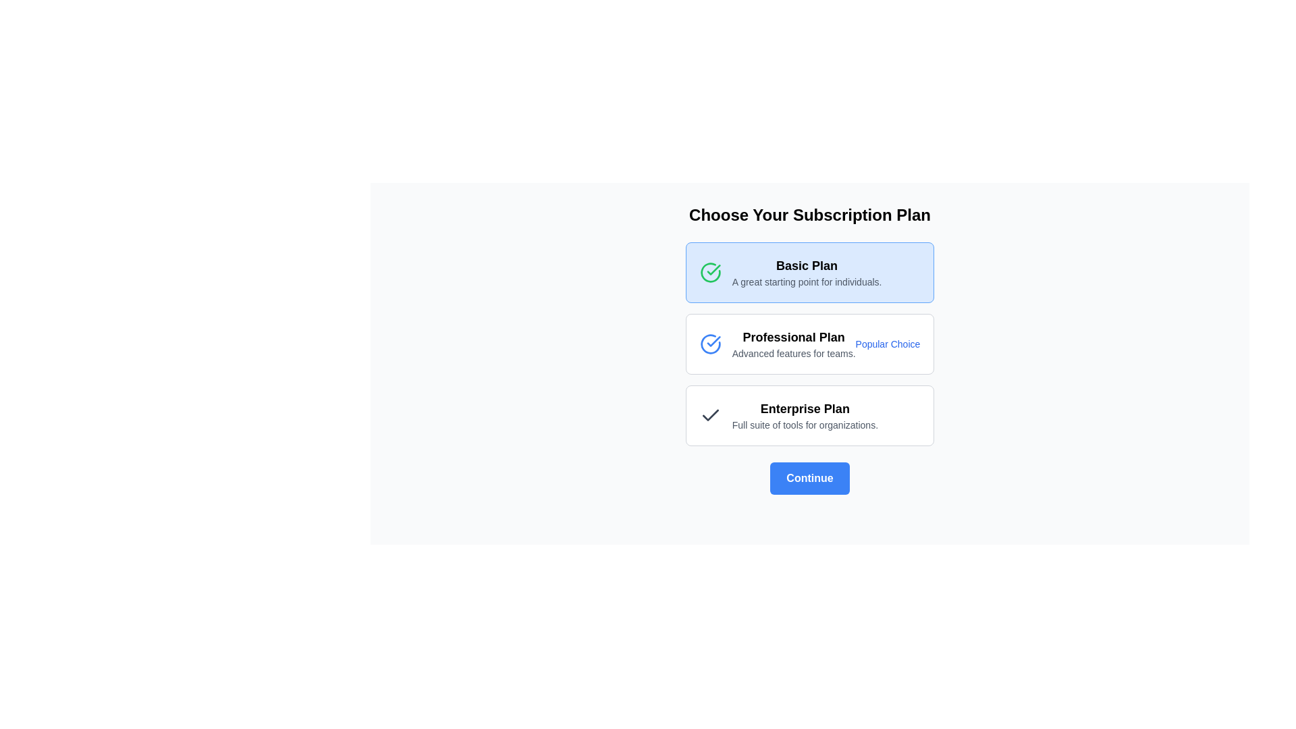 Image resolution: width=1296 pixels, height=729 pixels. Describe the element at coordinates (788, 415) in the screenshot. I see `the title text of the 'Enterprise Plan' subscription option` at that location.